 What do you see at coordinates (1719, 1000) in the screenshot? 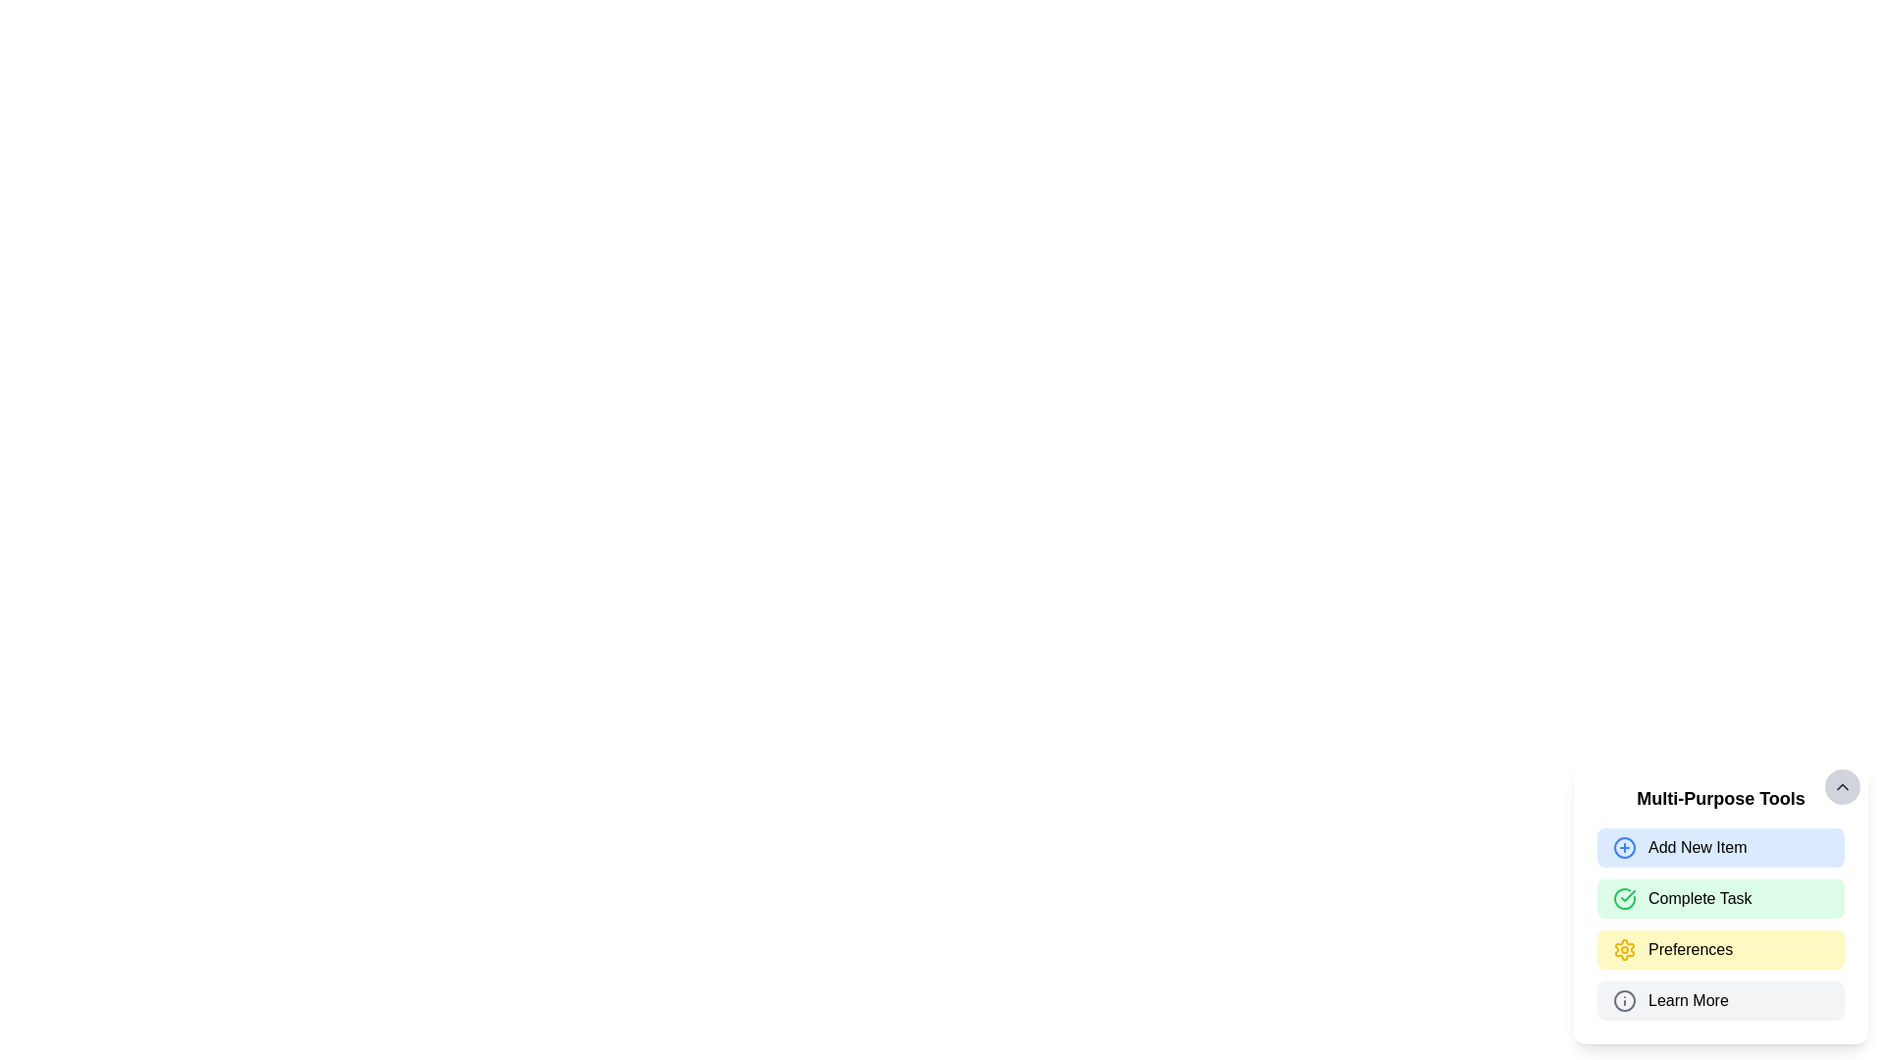
I see `the button at the bottom of the 'Multi-Purpose Tools' menu` at bounding box center [1719, 1000].